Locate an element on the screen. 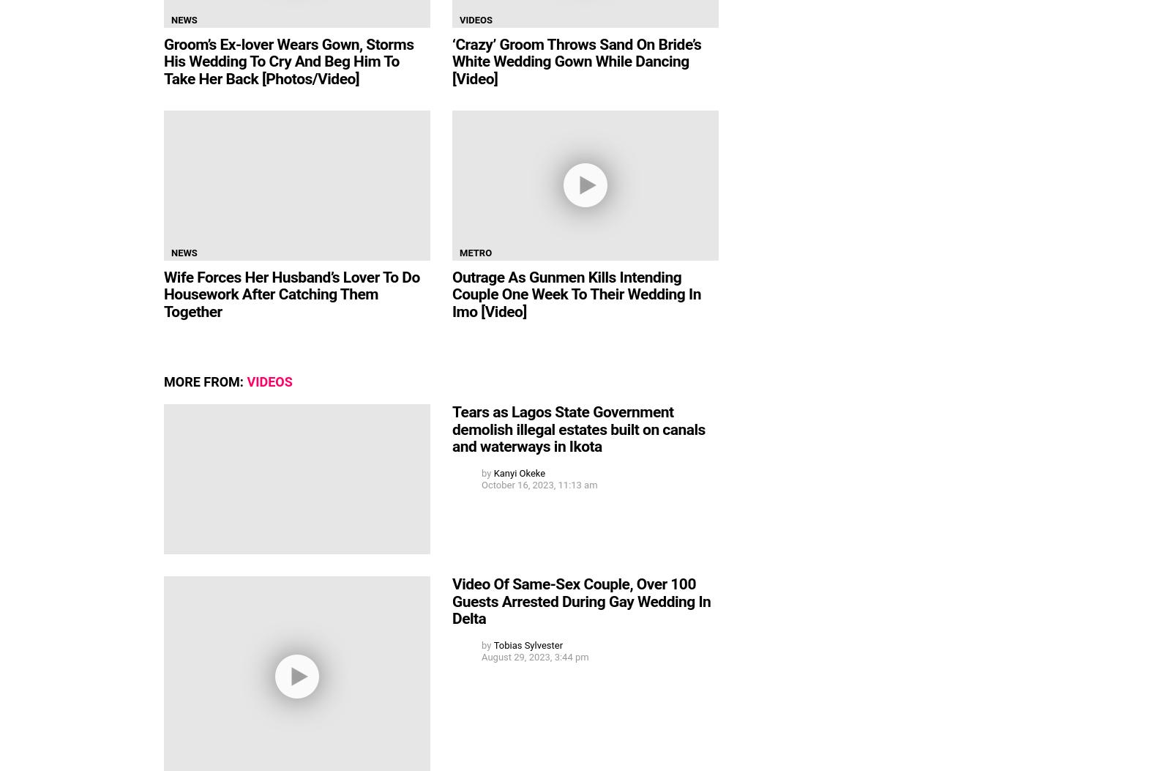  'Tobias Sylvester' is located at coordinates (528, 644).